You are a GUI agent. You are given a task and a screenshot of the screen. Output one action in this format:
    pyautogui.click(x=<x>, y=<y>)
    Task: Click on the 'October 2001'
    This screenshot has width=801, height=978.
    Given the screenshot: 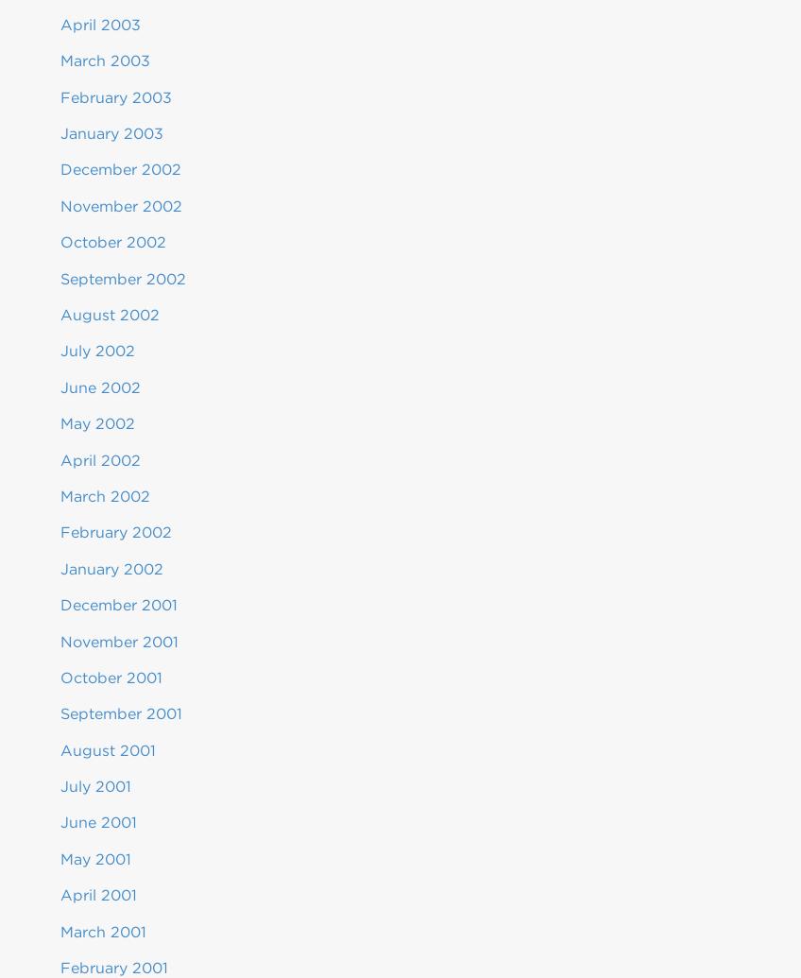 What is the action you would take?
    pyautogui.click(x=111, y=676)
    